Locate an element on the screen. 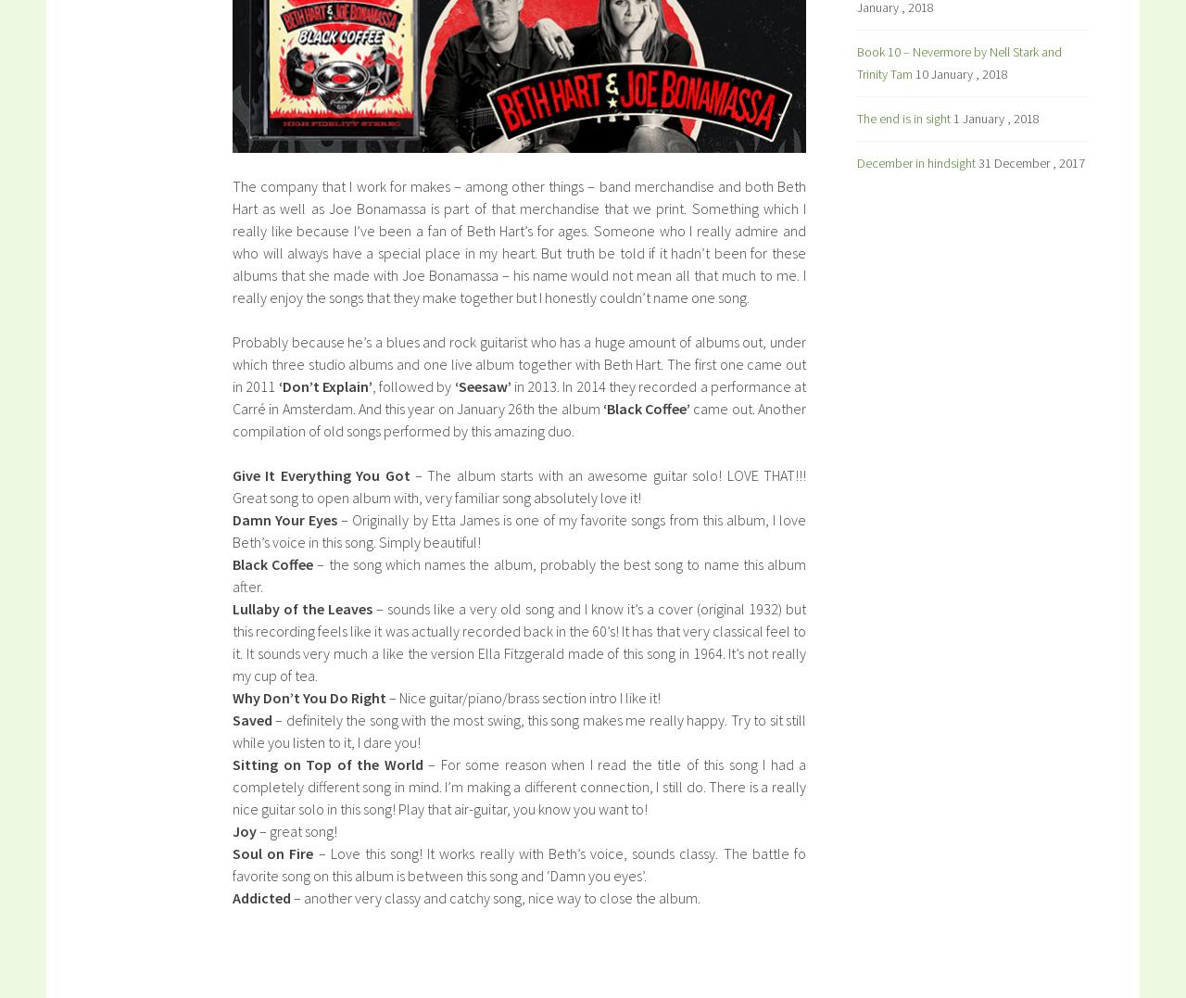 This screenshot has width=1186, height=998. 'Probably because he’s a blues and rock guitarist who has a huge amount of albums out, under which three studio albums and one live album together with Beth Hart. The first one came out in 2011' is located at coordinates (519, 363).